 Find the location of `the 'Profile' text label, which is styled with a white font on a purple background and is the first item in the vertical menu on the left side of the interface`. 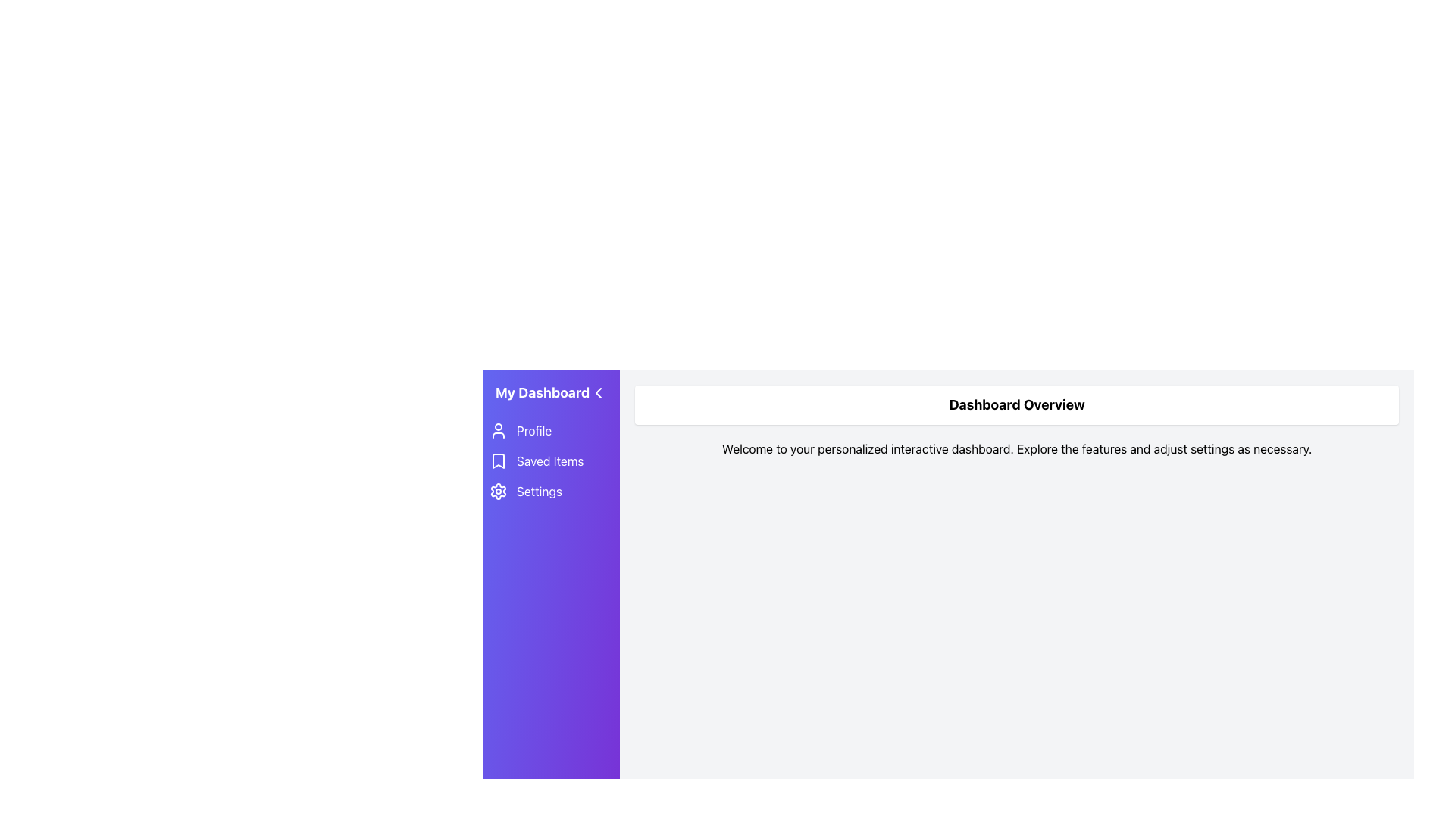

the 'Profile' text label, which is styled with a white font on a purple background and is the first item in the vertical menu on the left side of the interface is located at coordinates (534, 431).